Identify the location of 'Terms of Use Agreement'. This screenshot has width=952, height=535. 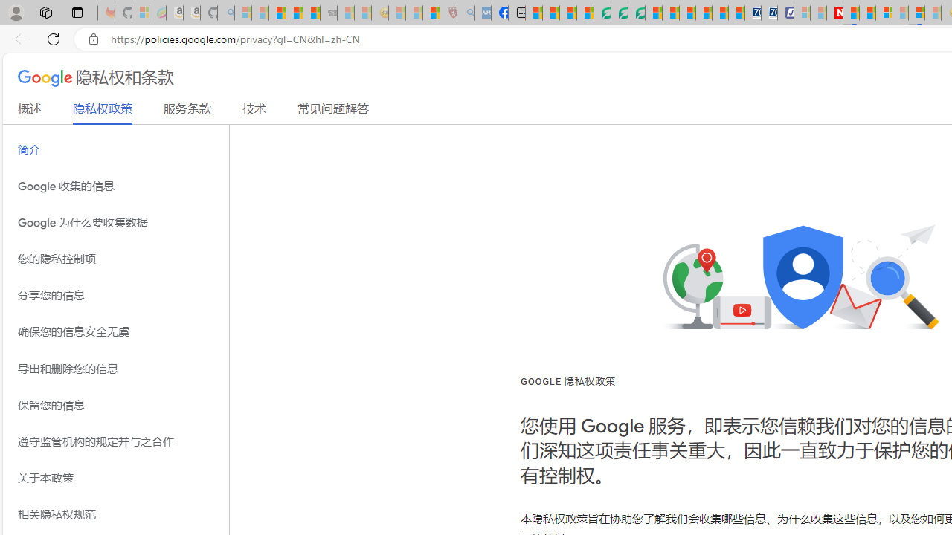
(619, 13).